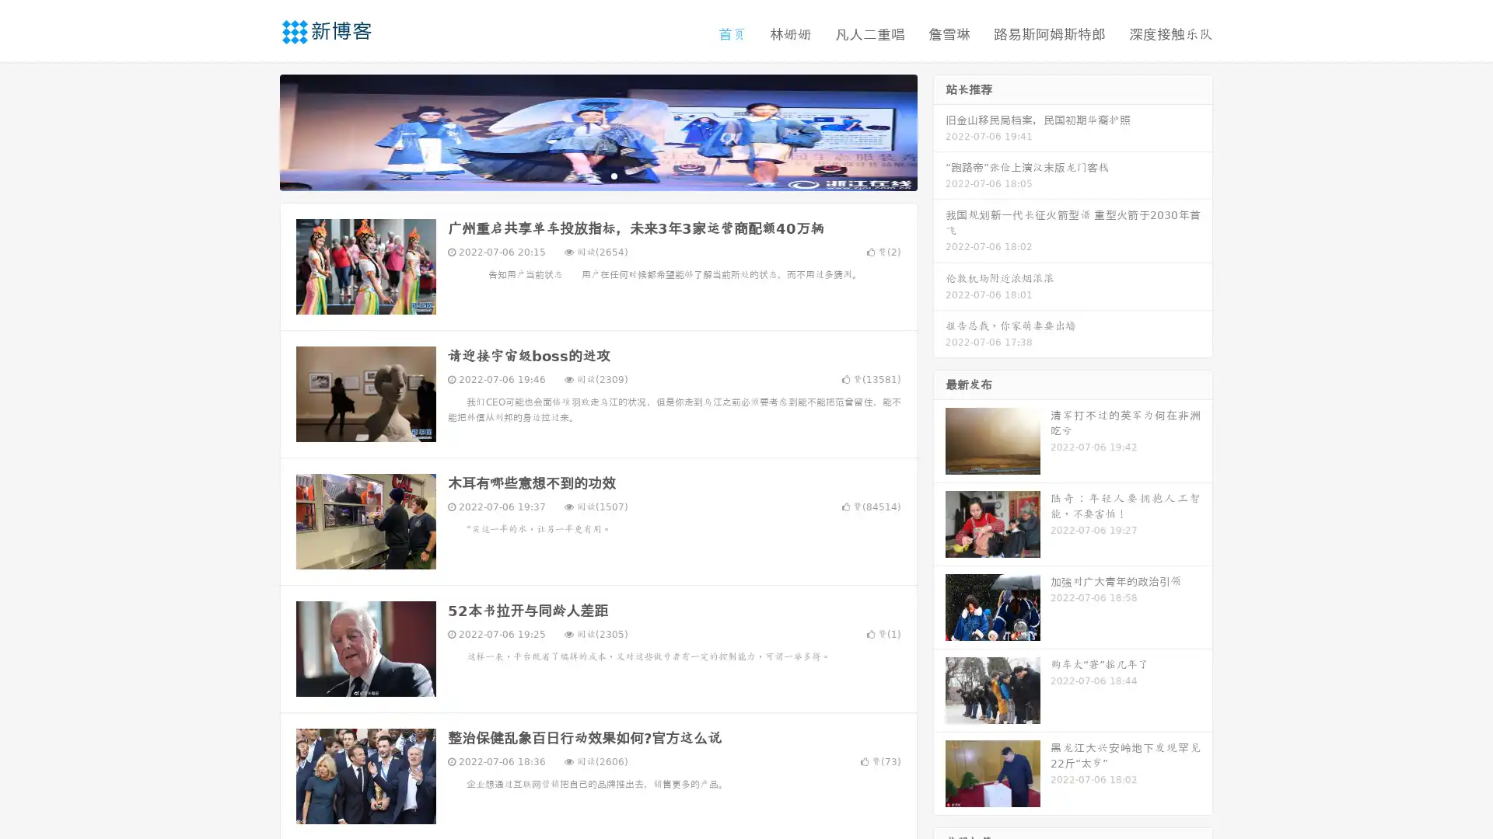 The height and width of the screenshot is (839, 1493). Describe the element at coordinates (597, 175) in the screenshot. I see `Go to slide 2` at that location.